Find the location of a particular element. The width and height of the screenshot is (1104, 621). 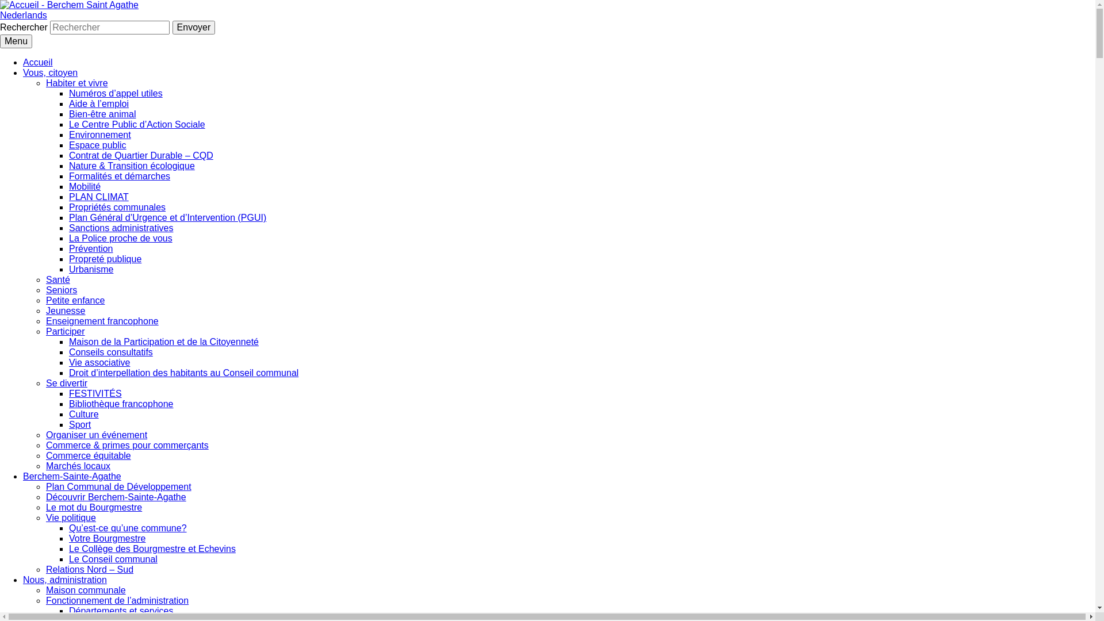

'Conseils consultatifs' is located at coordinates (110, 351).